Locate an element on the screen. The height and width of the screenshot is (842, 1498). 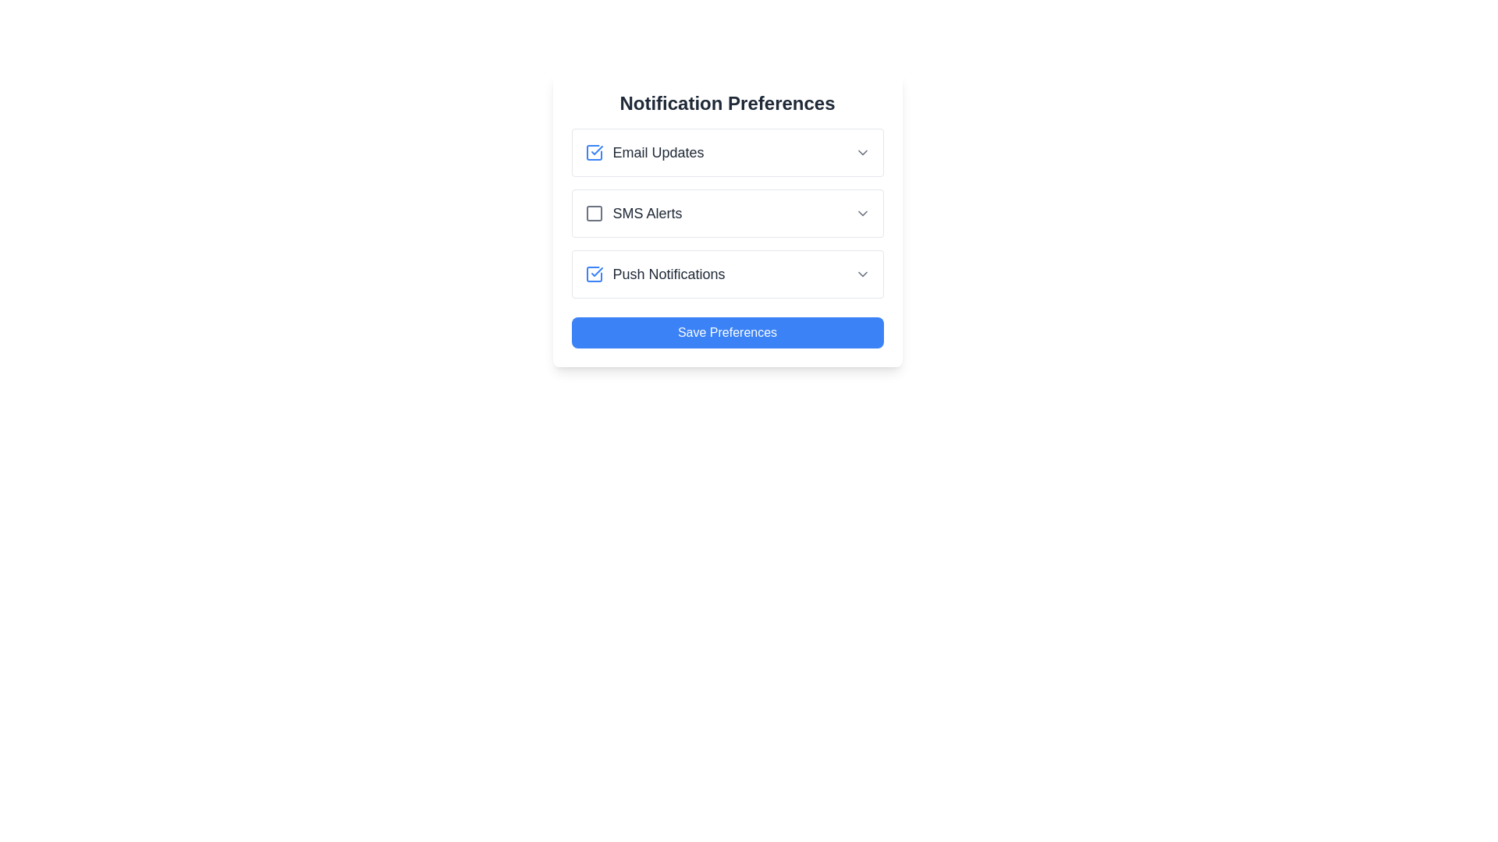
the checkbox labeled 'Push Notifications' is located at coordinates (655, 273).